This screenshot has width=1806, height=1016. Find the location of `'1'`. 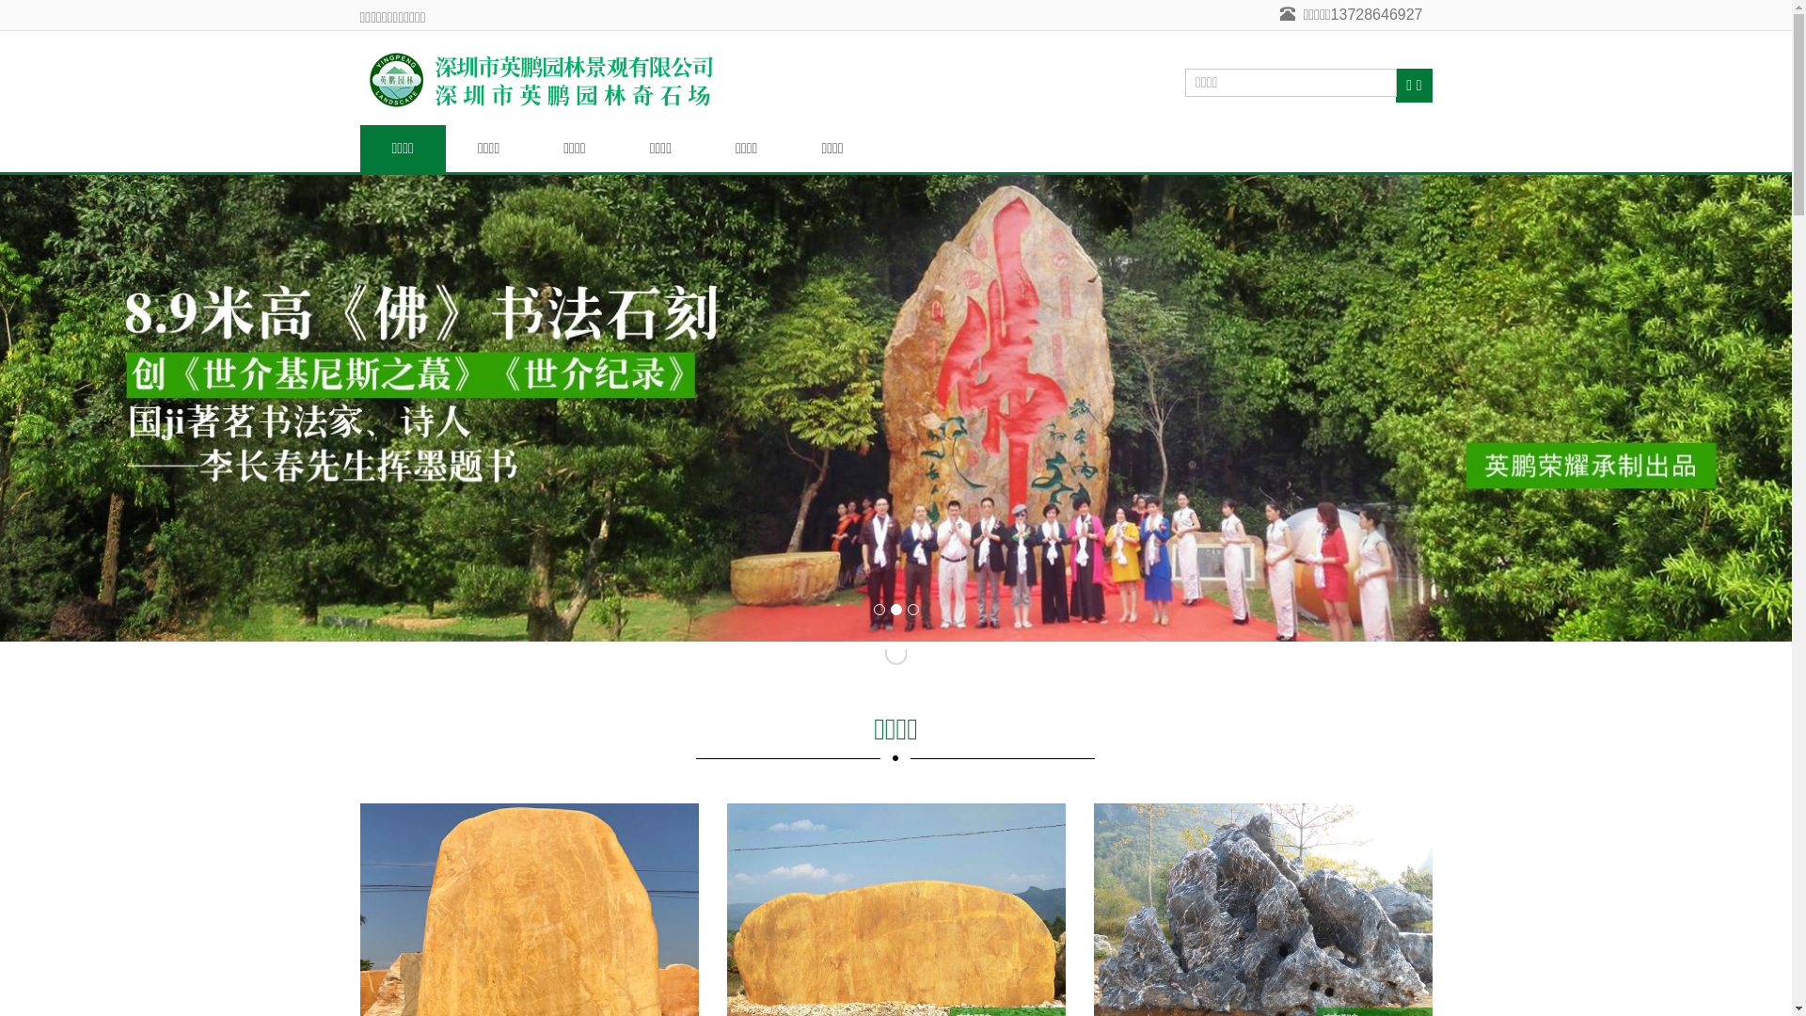

'1' is located at coordinates (878, 610).